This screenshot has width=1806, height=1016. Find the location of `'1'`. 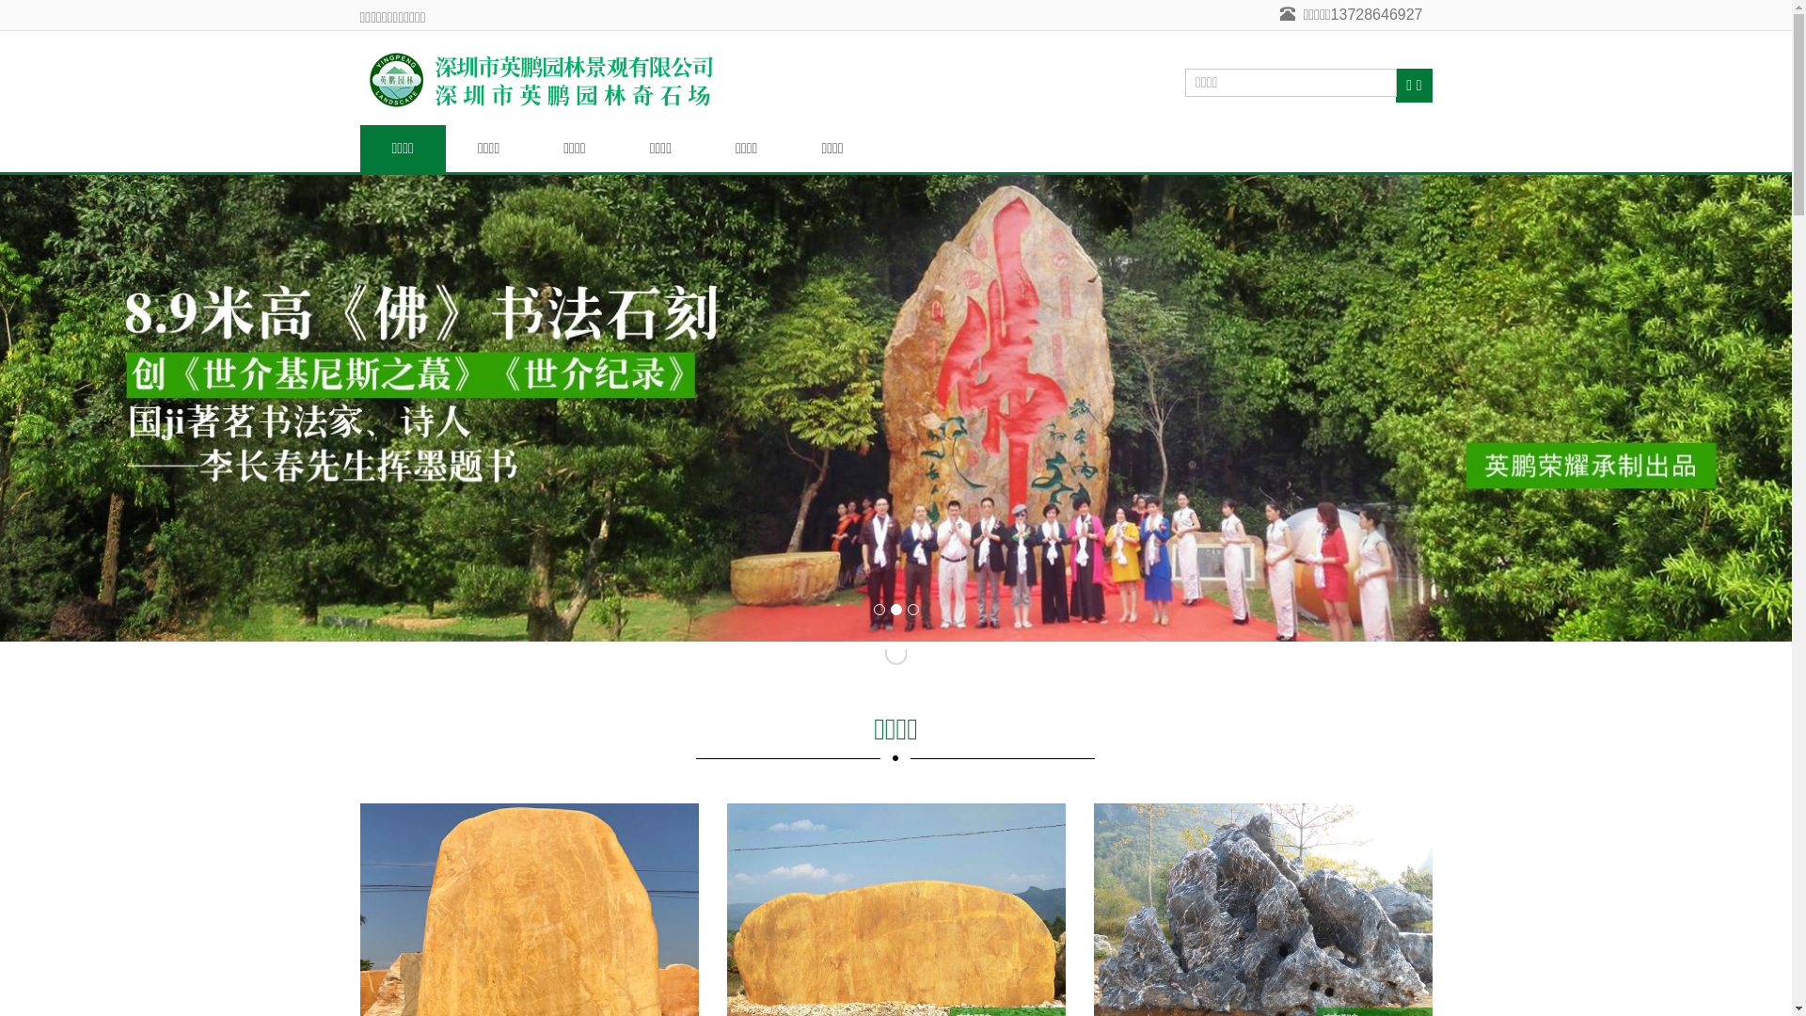

'1' is located at coordinates (878, 610).